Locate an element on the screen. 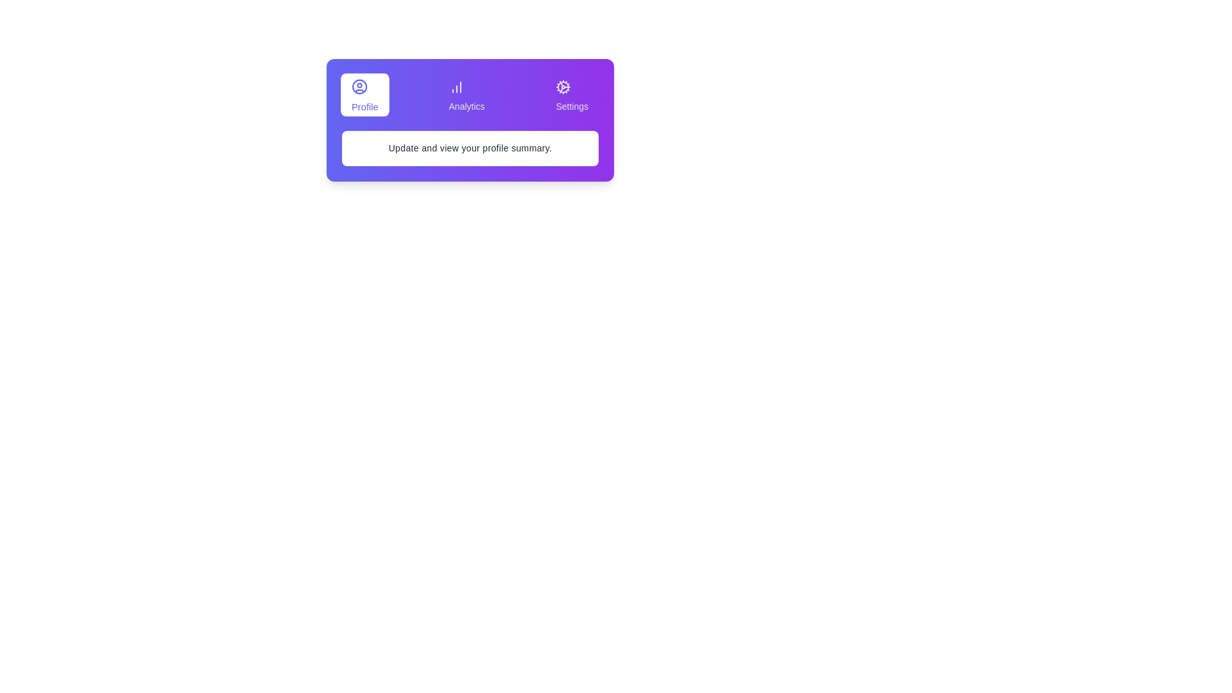 This screenshot has width=1232, height=693. the Profile tab to view its content is located at coordinates (364, 94).